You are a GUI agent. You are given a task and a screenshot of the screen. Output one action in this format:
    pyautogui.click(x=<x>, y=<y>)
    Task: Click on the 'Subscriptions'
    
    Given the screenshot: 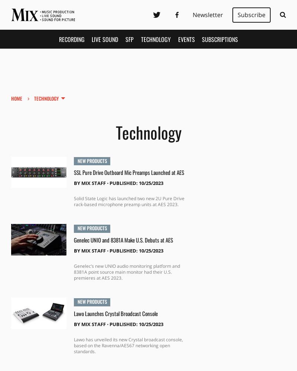 What is the action you would take?
    pyautogui.click(x=219, y=39)
    